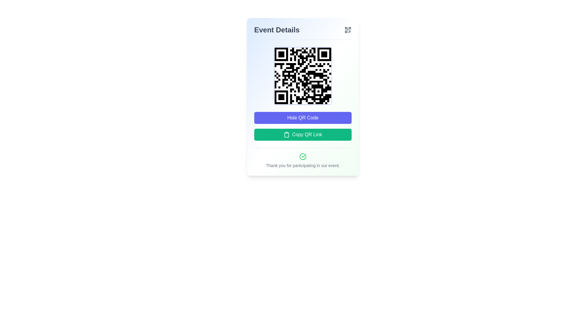 The width and height of the screenshot is (577, 324). Describe the element at coordinates (303, 134) in the screenshot. I see `the button located beneath the 'Hide QR Code' button and above the confirmation message to copy the QR code link to the clipboard` at that location.